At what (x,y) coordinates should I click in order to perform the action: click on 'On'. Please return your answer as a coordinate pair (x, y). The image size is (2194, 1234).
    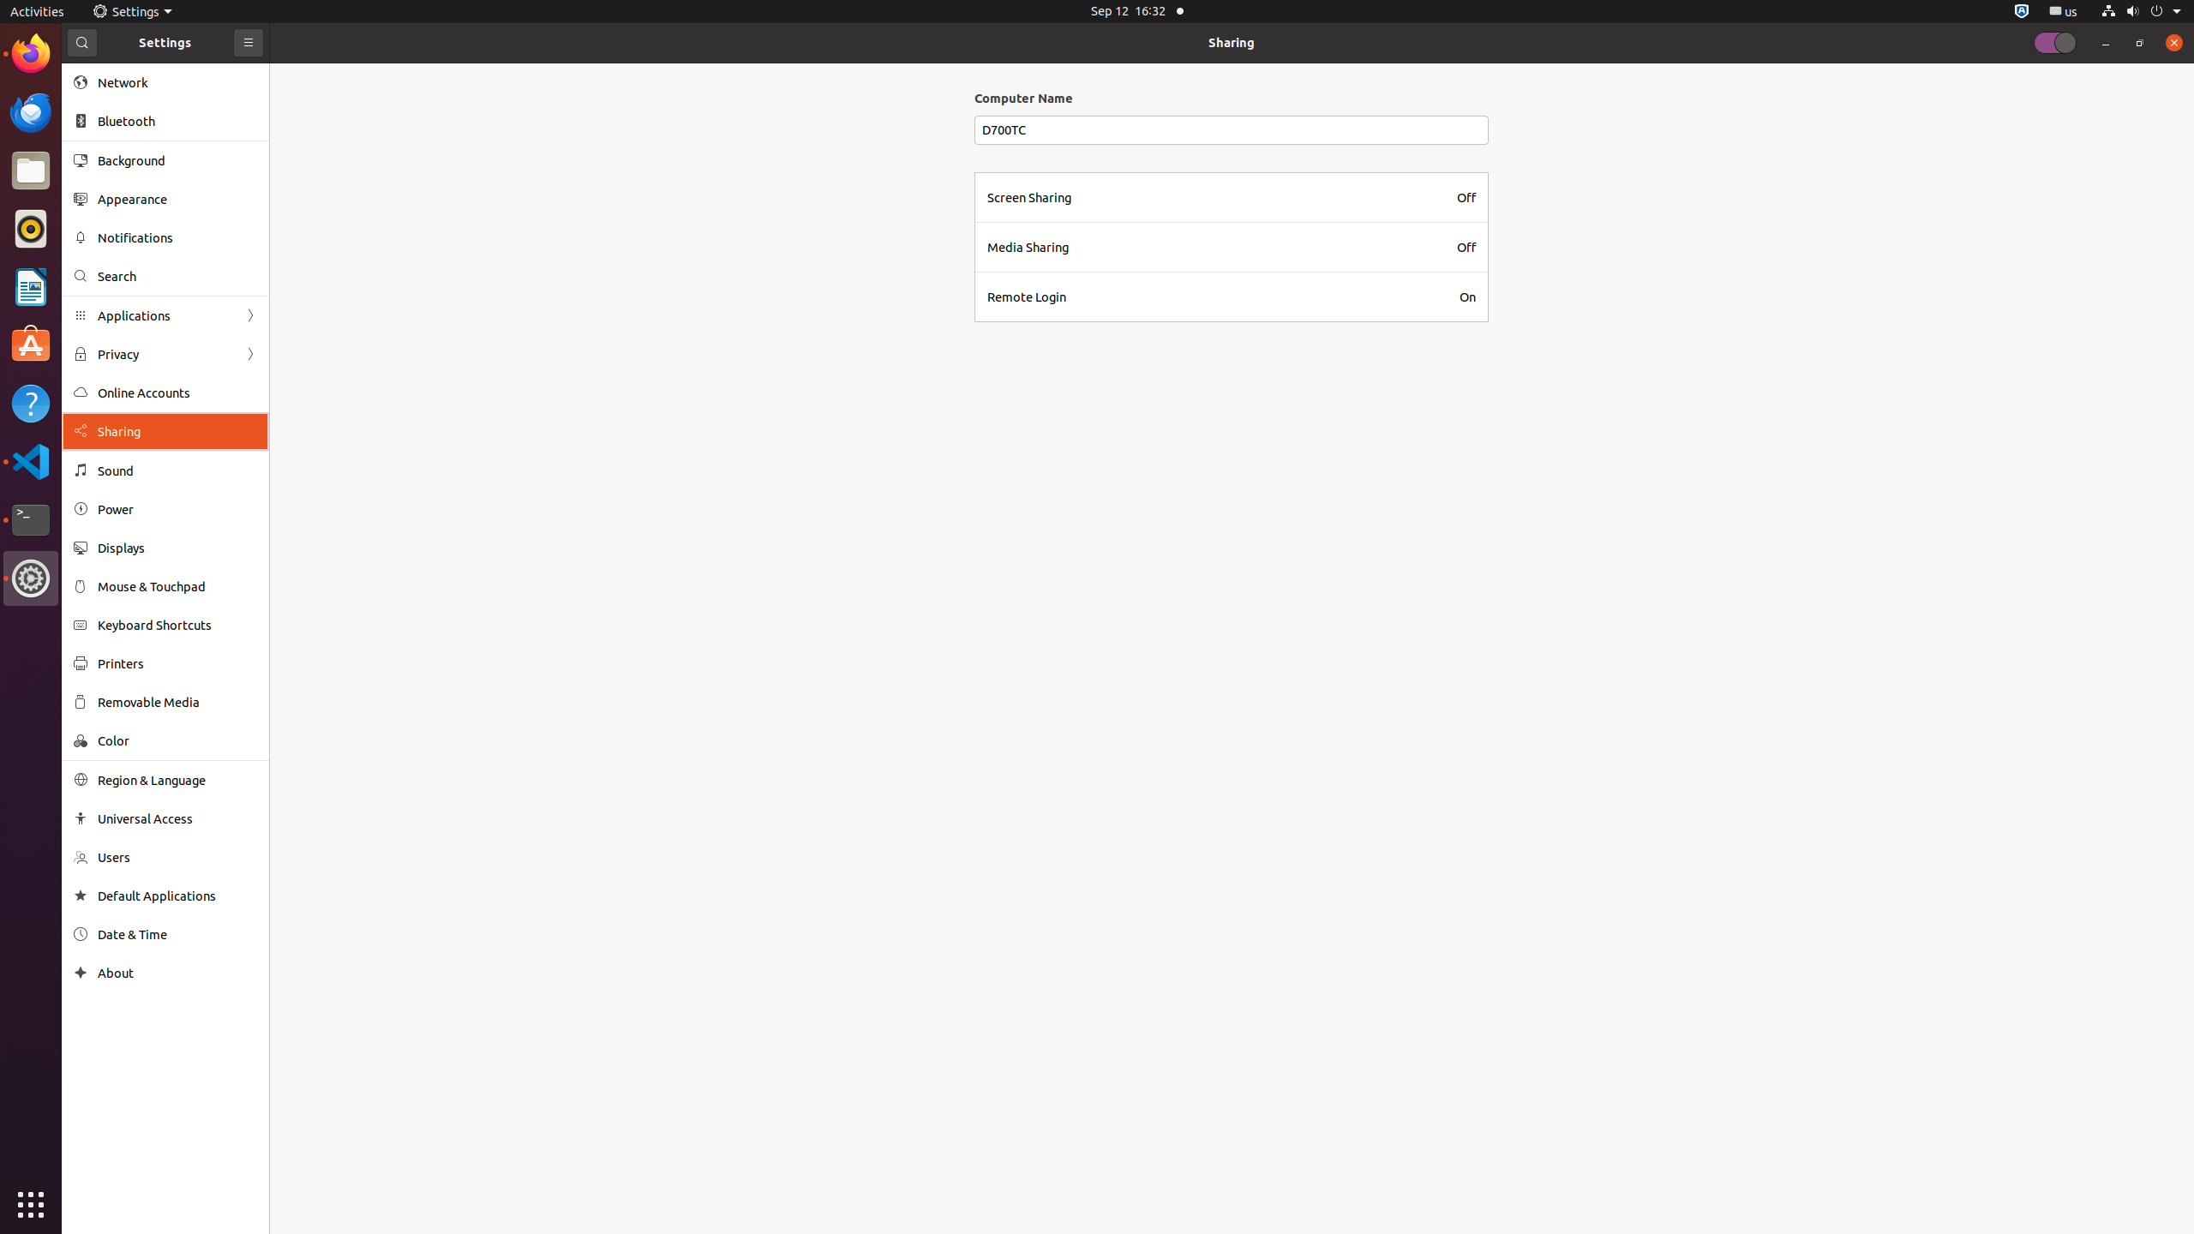
    Looking at the image, I should click on (1467, 296).